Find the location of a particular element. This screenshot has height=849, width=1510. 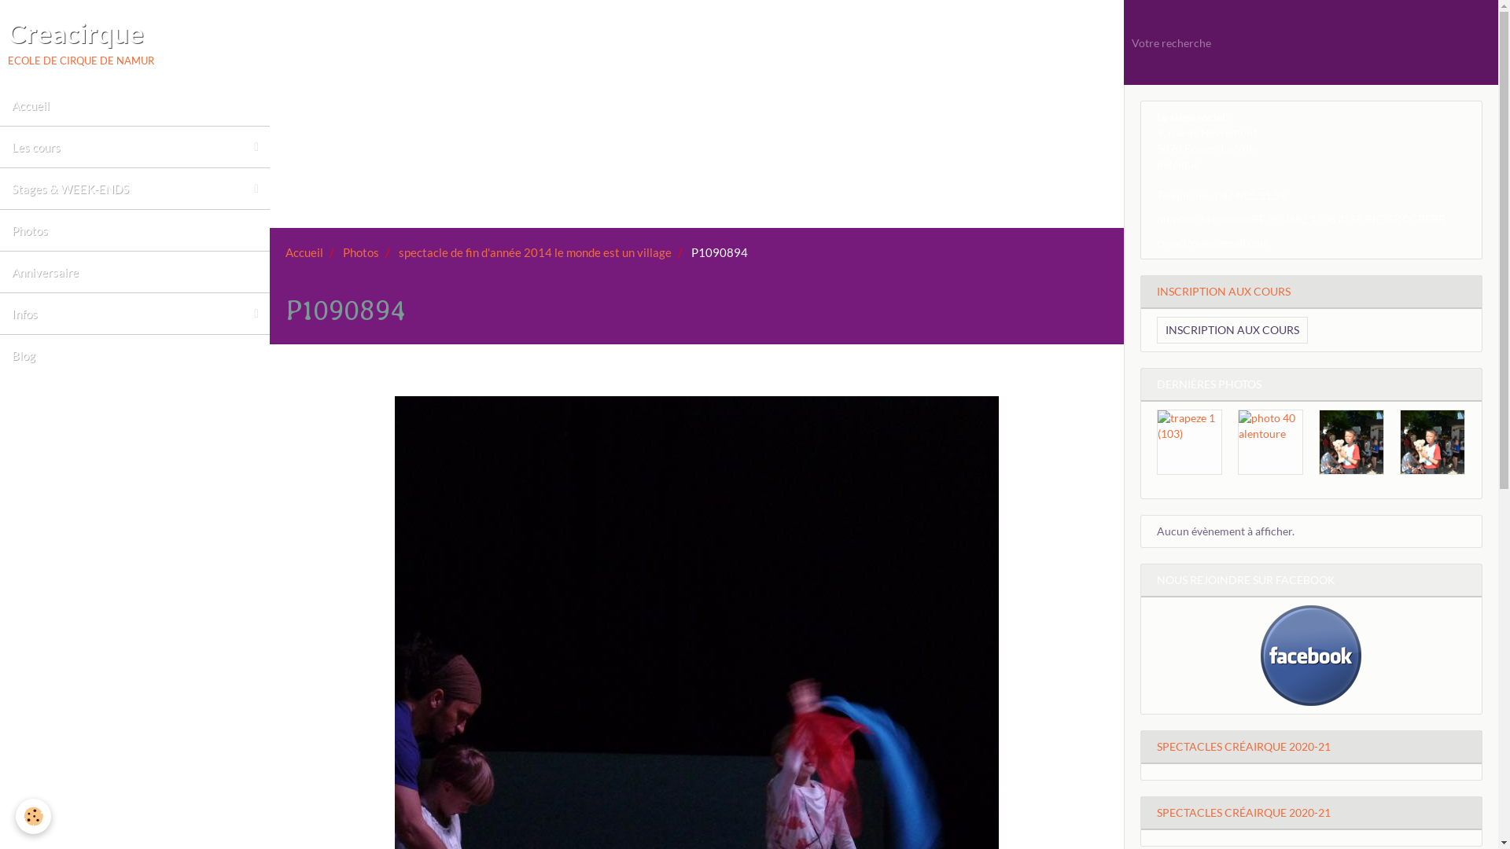

'Les cours' is located at coordinates (134, 146).